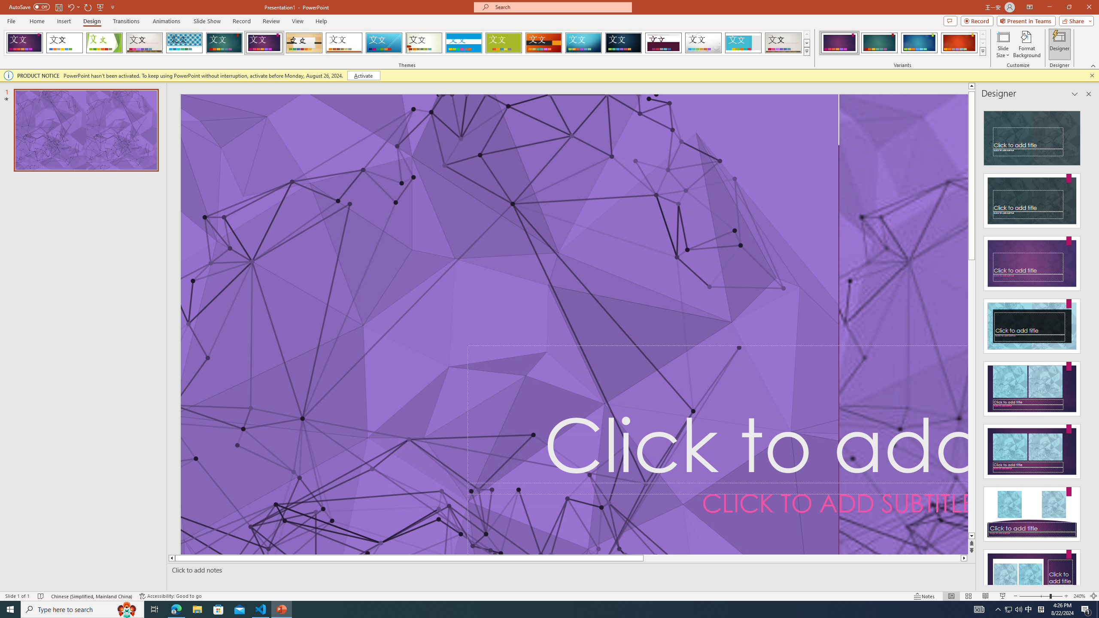  I want to click on 'Banded', so click(464, 42).